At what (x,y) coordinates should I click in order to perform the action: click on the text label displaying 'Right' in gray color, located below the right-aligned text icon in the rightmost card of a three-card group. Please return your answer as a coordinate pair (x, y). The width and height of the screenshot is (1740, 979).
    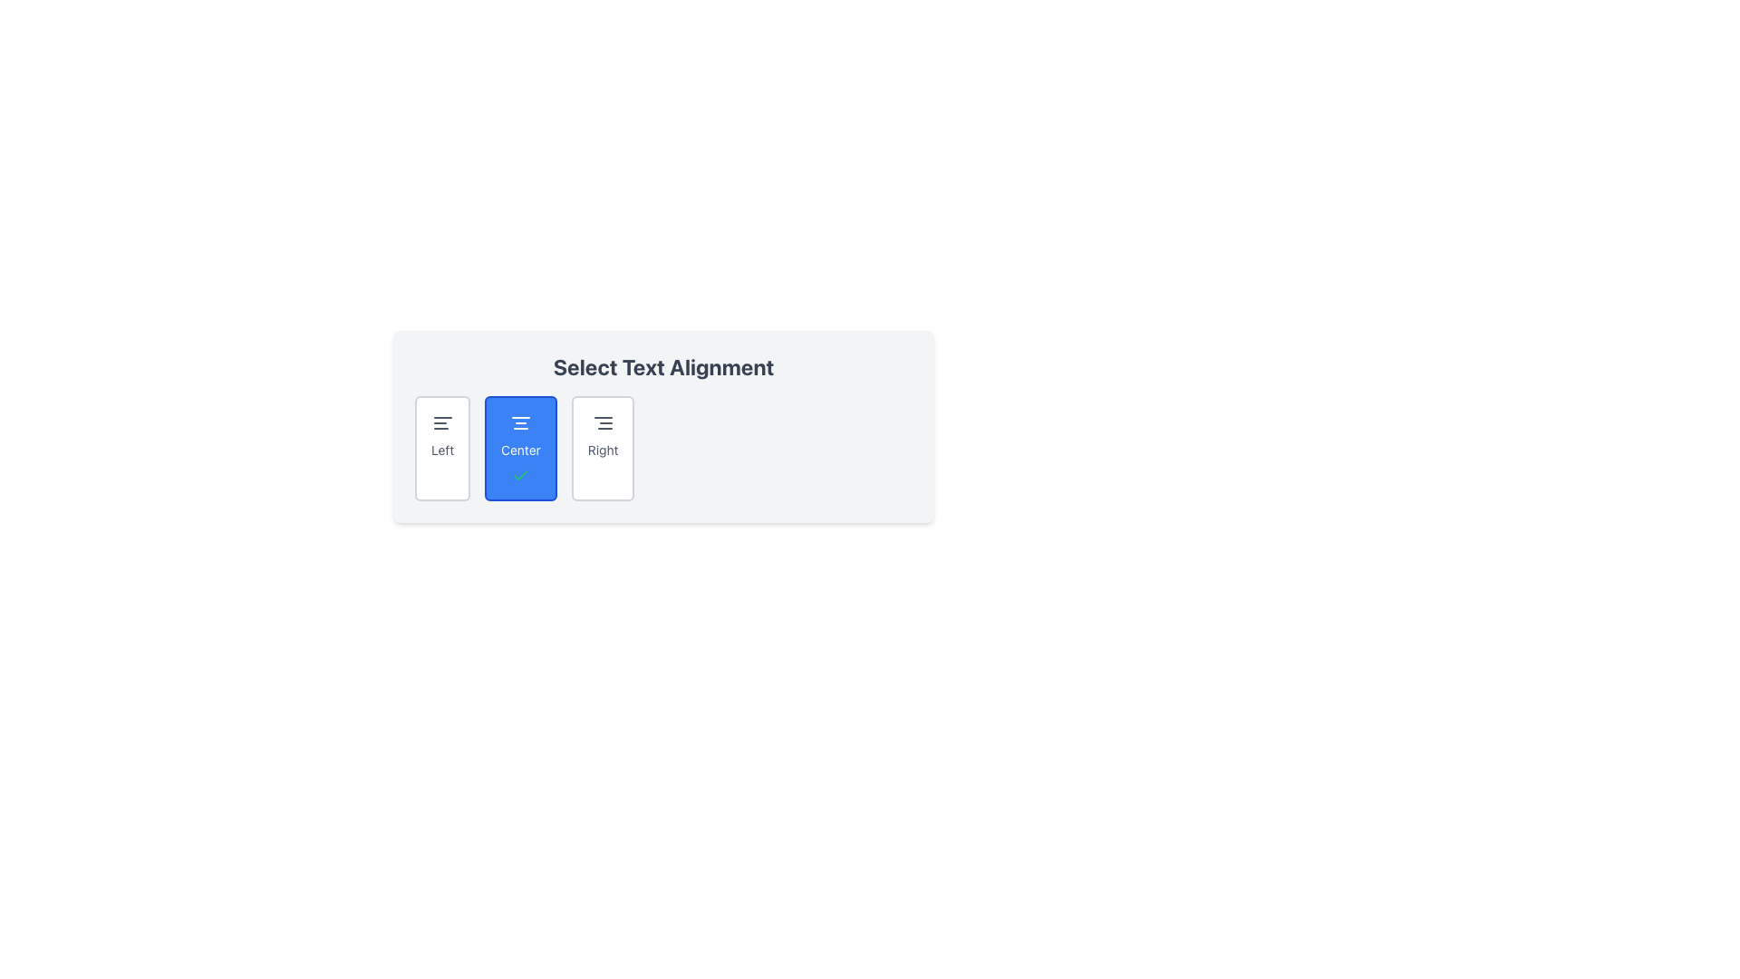
    Looking at the image, I should click on (603, 450).